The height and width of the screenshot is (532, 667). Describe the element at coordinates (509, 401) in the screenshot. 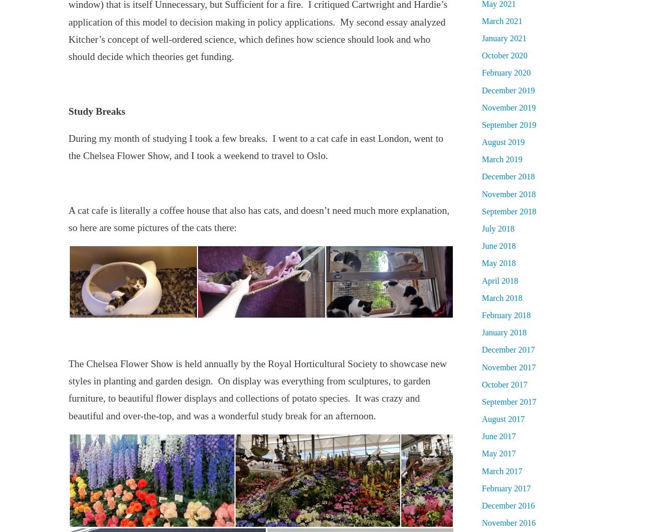

I see `'September 2017'` at that location.